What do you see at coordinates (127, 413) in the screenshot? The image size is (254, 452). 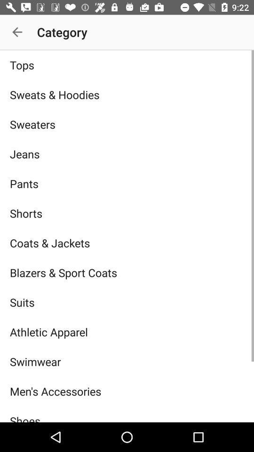 I see `shoes item` at bounding box center [127, 413].